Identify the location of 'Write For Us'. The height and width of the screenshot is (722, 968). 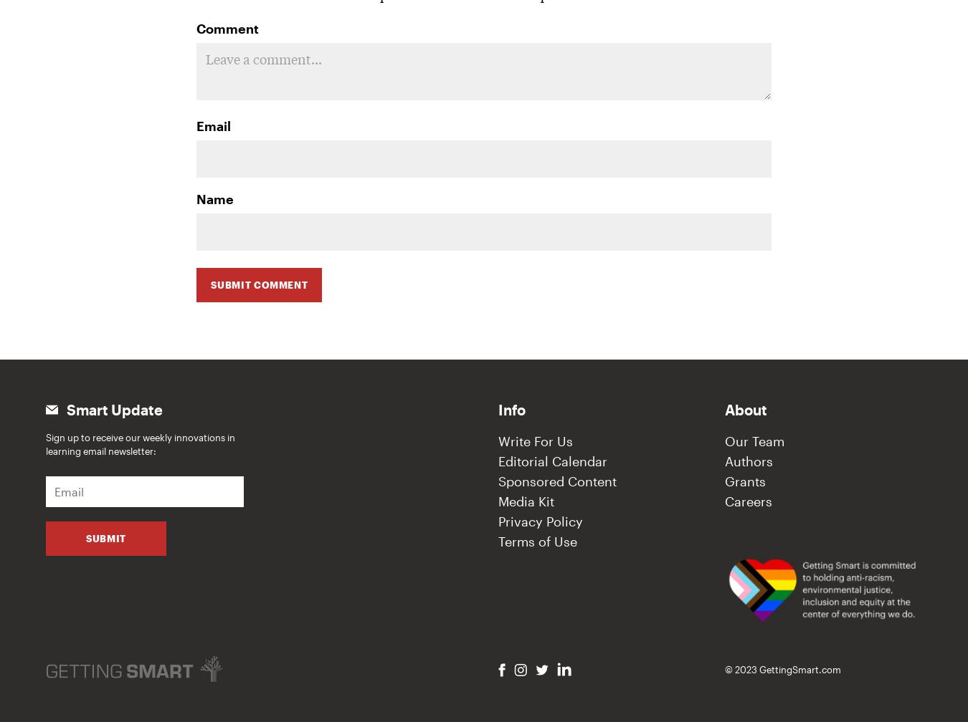
(497, 441).